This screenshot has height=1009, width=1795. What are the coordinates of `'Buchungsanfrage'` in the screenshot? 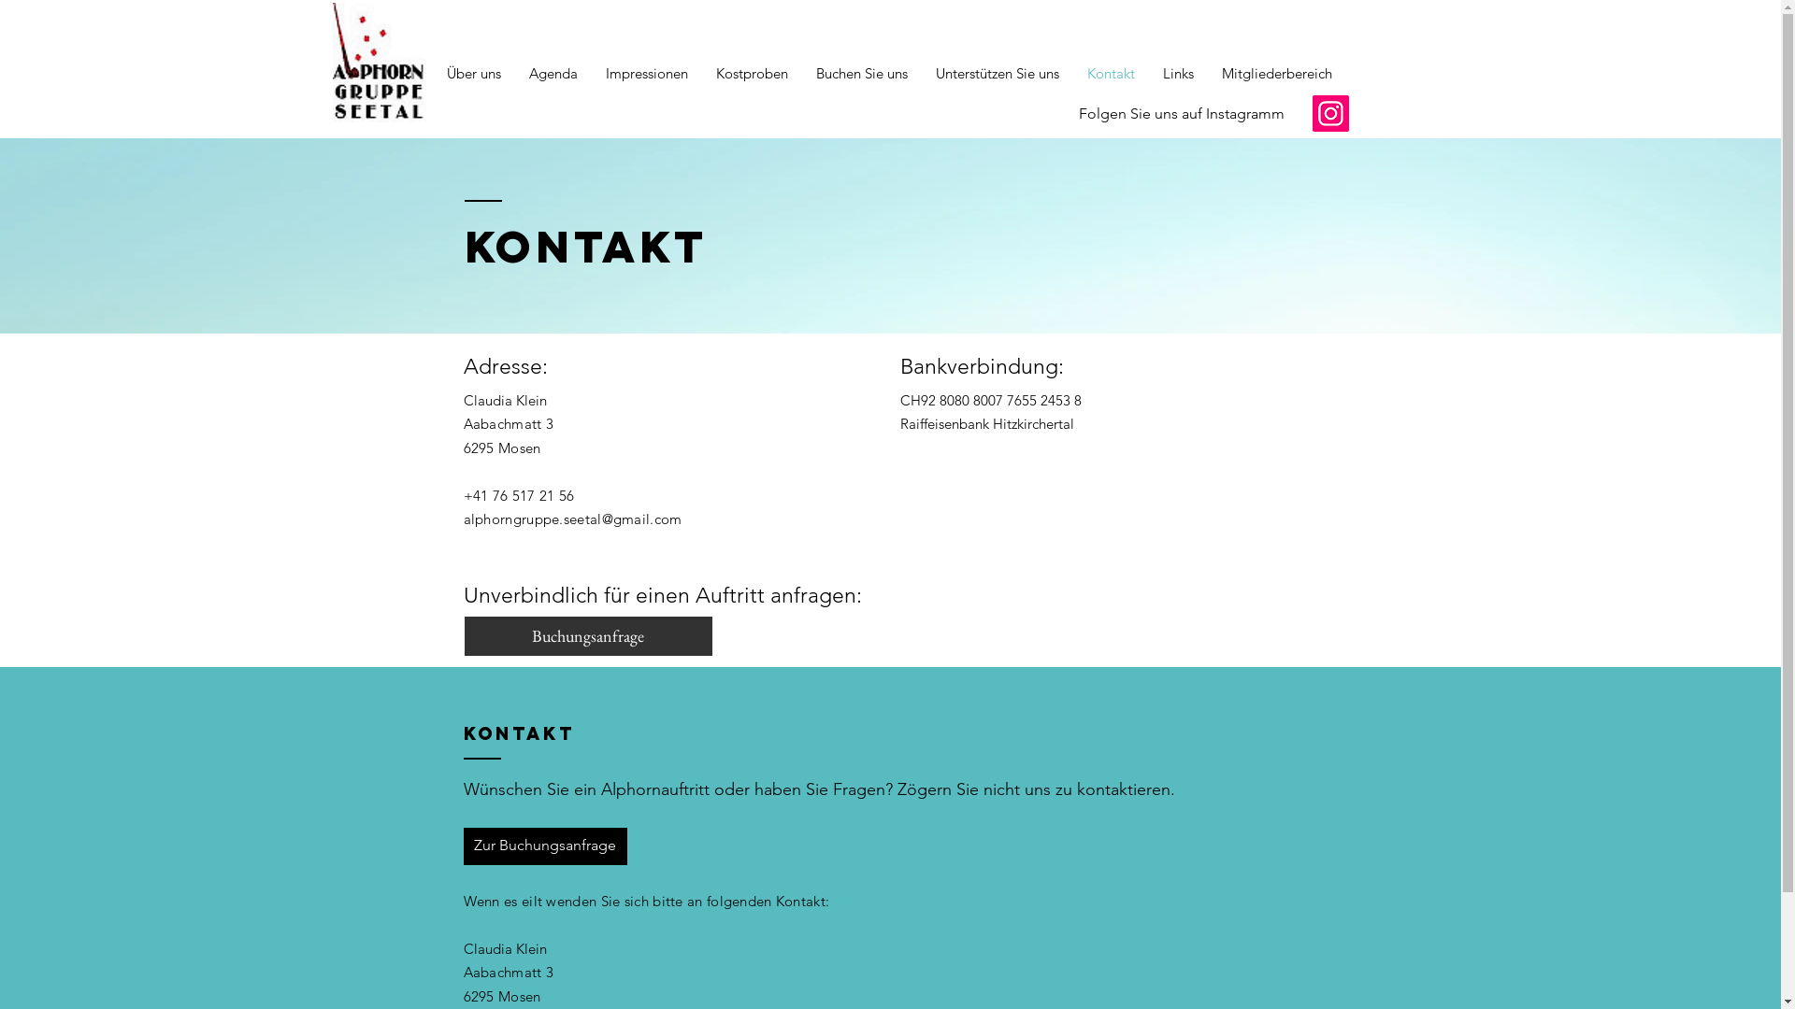 It's located at (586, 635).